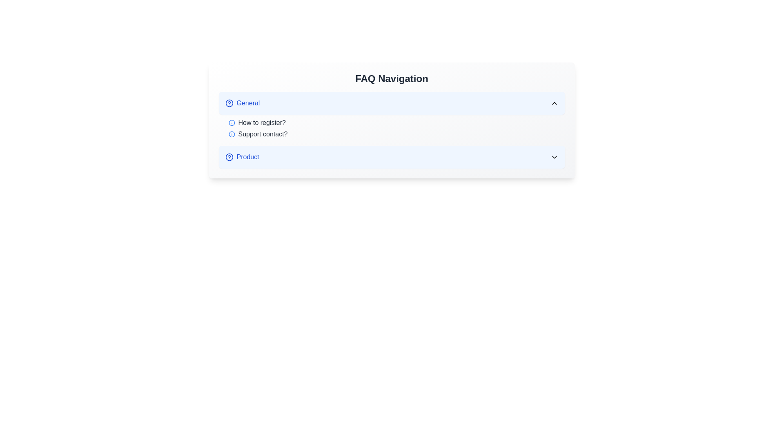 Image resolution: width=784 pixels, height=441 pixels. What do you see at coordinates (263, 134) in the screenshot?
I see `the hyperlink that navigates to the 'Support' section, which is the third clickable item in the FAQ navigation list` at bounding box center [263, 134].